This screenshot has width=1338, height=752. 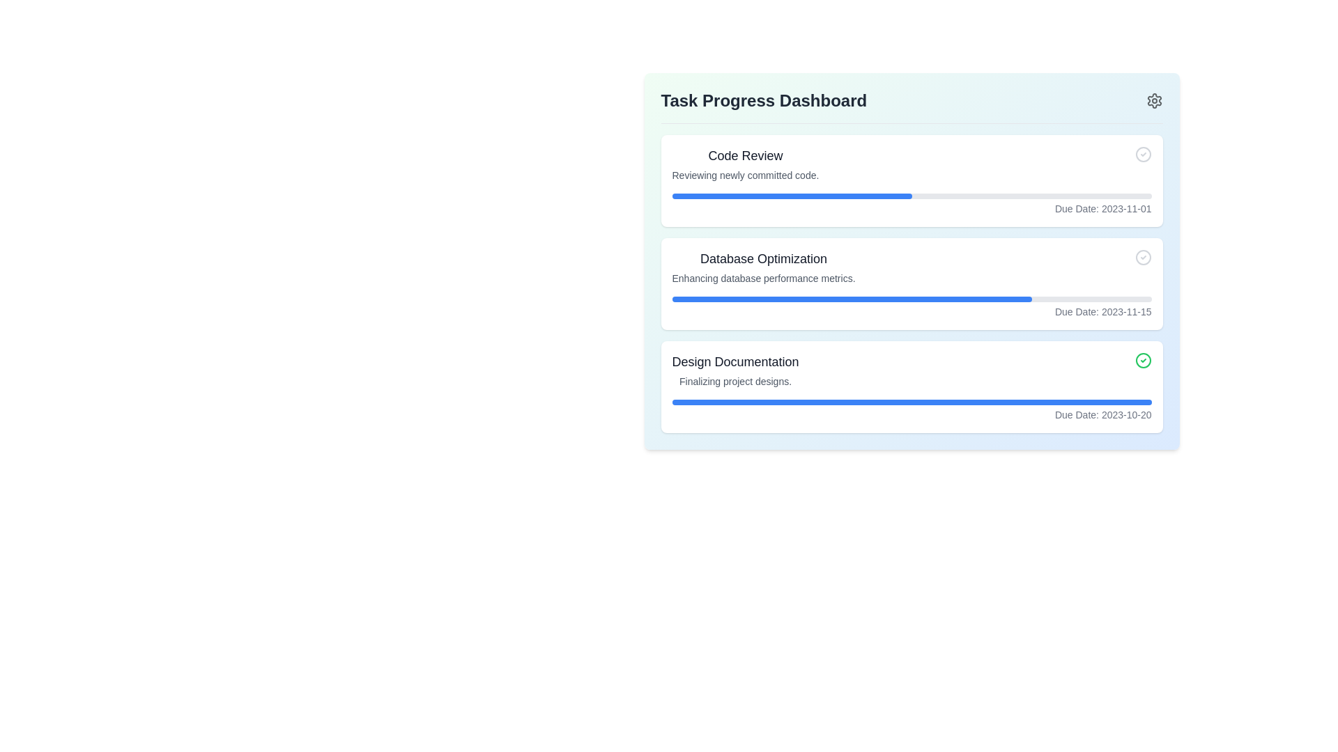 What do you see at coordinates (912, 196) in the screenshot?
I see `the horizontal progress bar located in the 'Code Review' section of the task progress dashboard, beneath the section's title and description` at bounding box center [912, 196].